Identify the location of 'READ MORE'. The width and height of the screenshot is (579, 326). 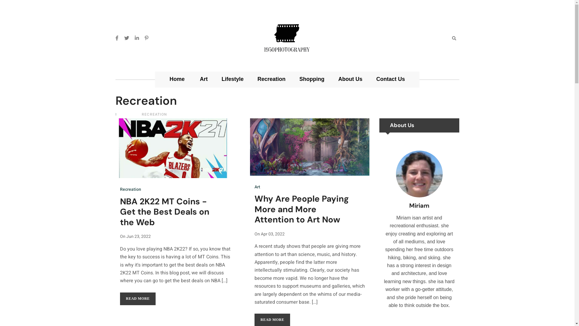
(138, 299).